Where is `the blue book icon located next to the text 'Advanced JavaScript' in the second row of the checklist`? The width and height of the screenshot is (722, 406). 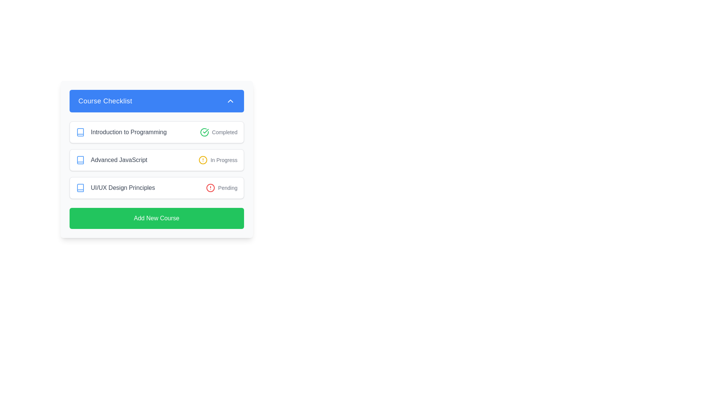 the blue book icon located next to the text 'Advanced JavaScript' in the second row of the checklist is located at coordinates (80, 159).